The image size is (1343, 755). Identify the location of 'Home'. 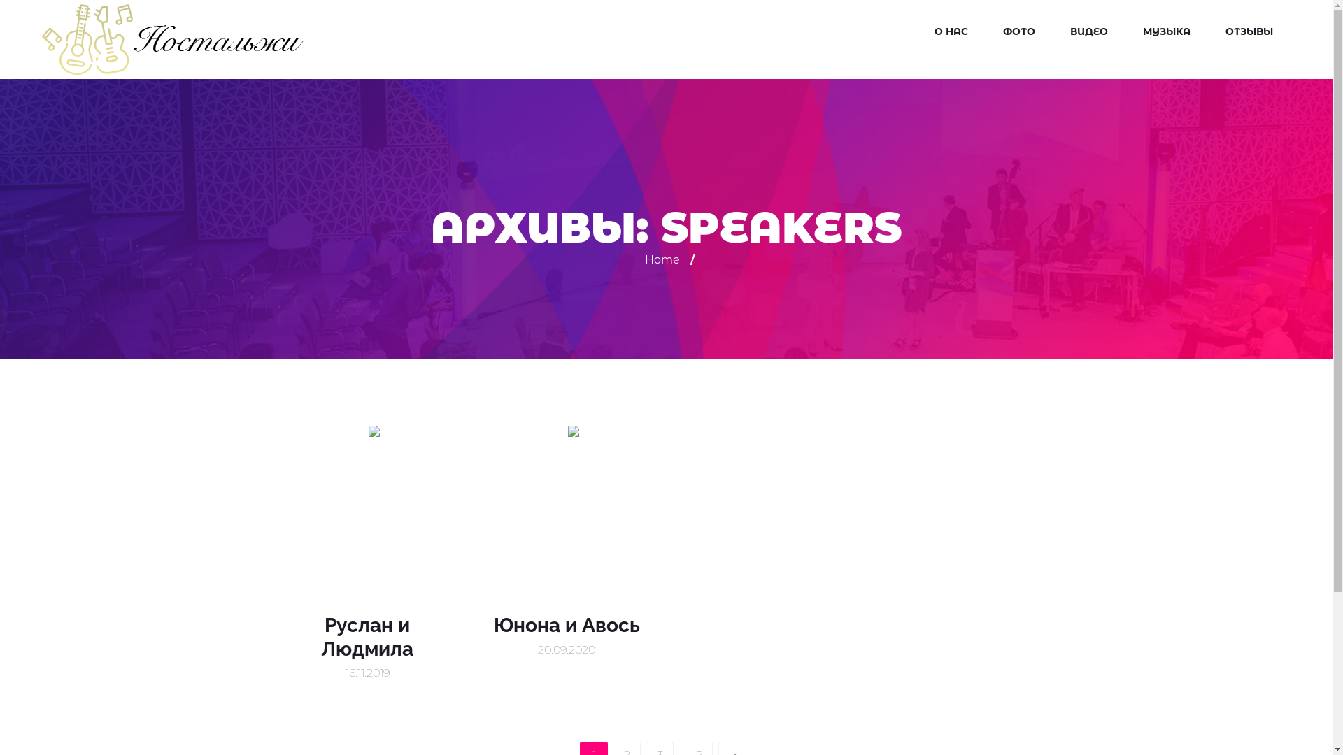
(644, 259).